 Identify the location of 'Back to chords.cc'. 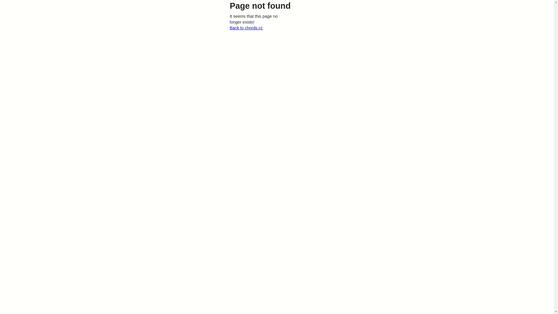
(246, 28).